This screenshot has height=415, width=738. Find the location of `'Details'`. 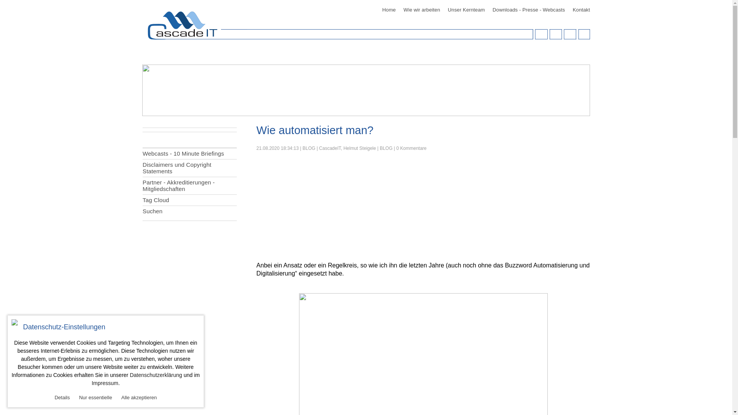

'Details' is located at coordinates (62, 397).